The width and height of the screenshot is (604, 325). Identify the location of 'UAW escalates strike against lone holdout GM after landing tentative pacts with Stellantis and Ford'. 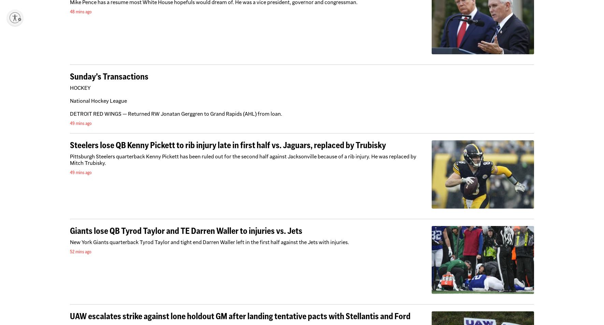
(240, 316).